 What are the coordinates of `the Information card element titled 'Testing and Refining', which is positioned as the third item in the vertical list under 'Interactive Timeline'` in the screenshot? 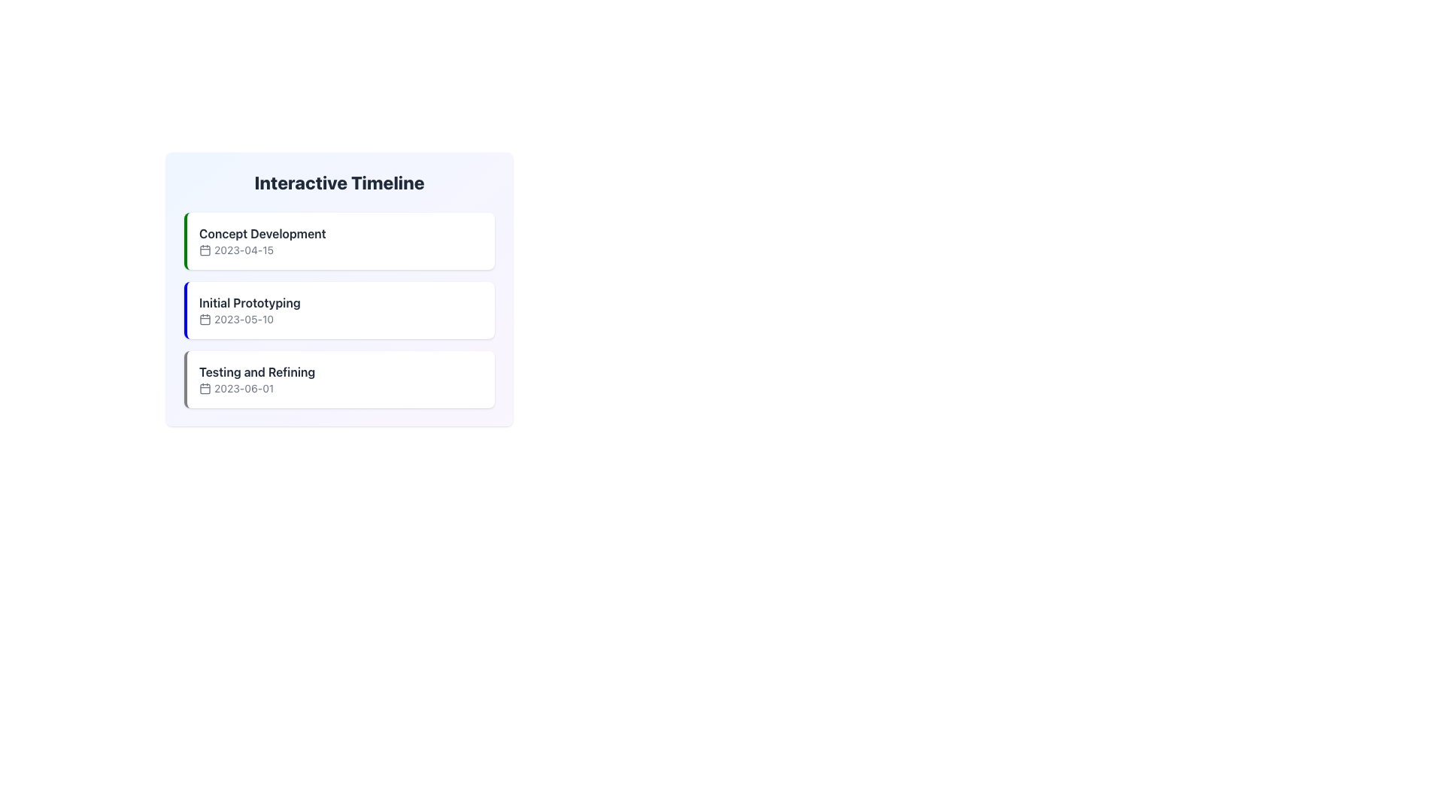 It's located at (338, 379).